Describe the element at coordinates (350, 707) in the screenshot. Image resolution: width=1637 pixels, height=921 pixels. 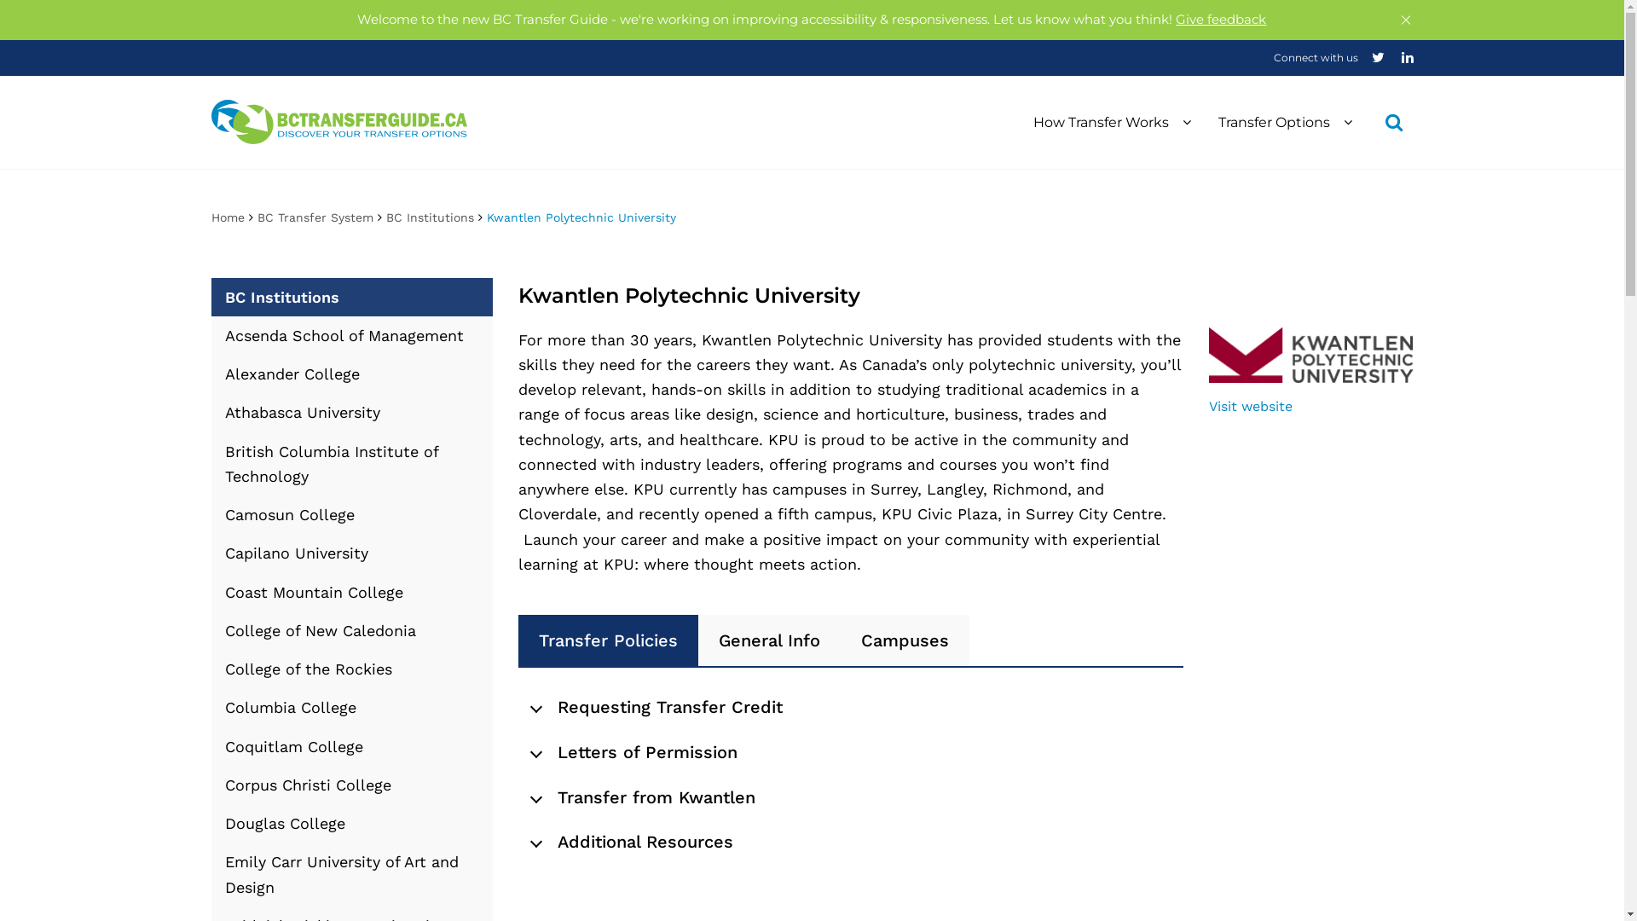
I see `'Columbia College'` at that location.